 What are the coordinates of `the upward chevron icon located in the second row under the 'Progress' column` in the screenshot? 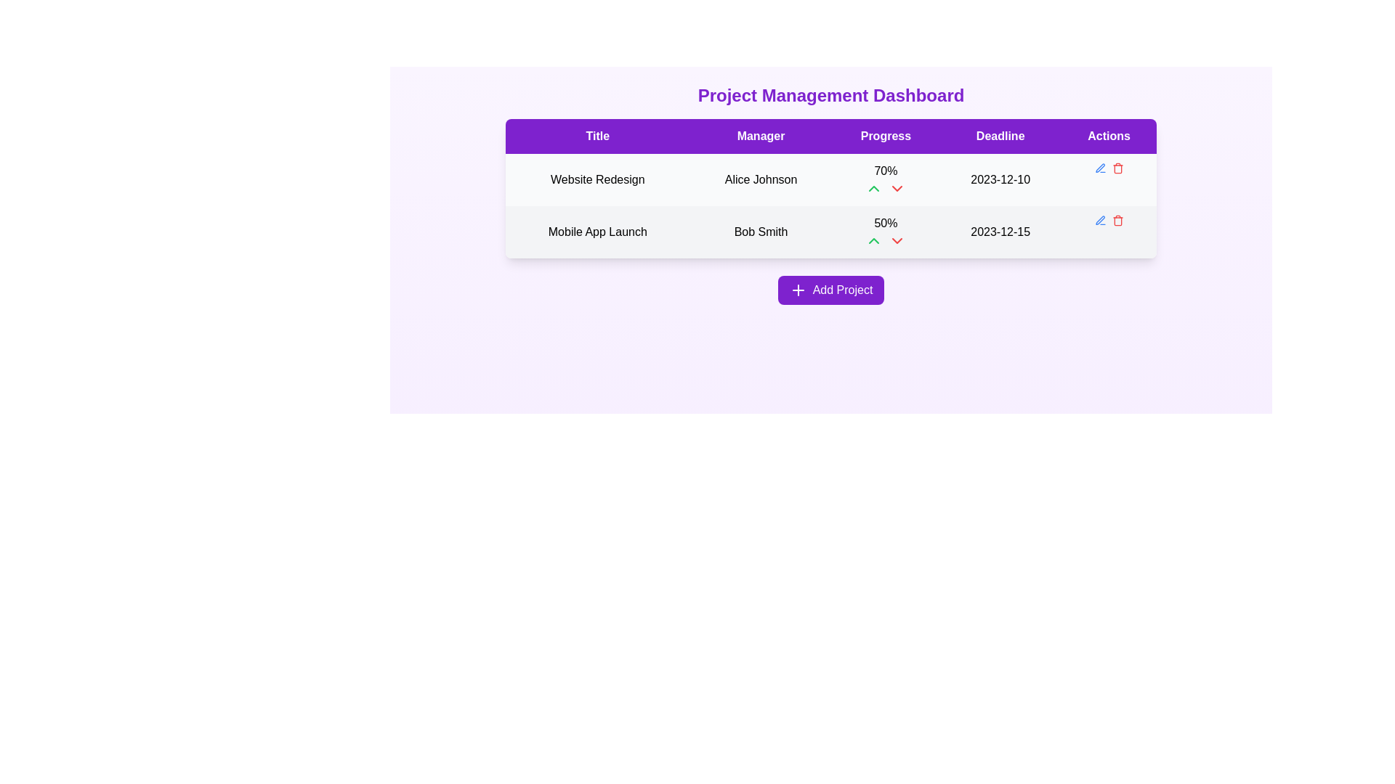 It's located at (873, 187).